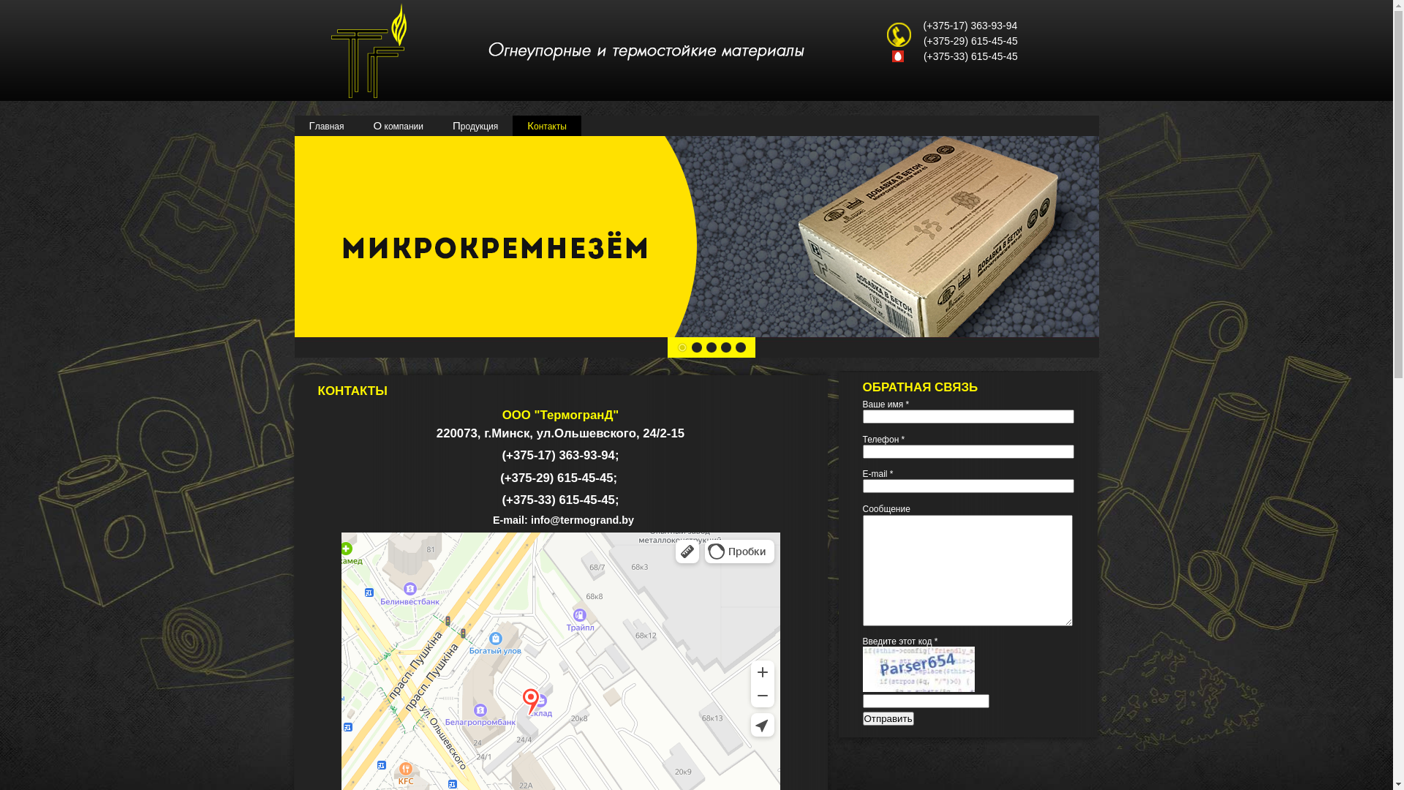  I want to click on '3', so click(711, 347).